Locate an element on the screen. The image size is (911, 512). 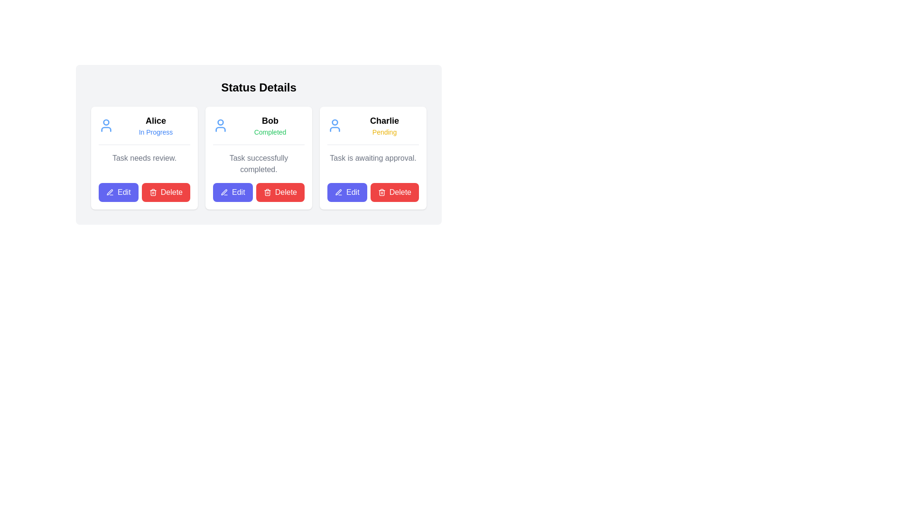
the 'Edit' button with a blue background and rounded corners located at the bottom of the card labeled 'Charlie - Pending' is located at coordinates (346, 192).